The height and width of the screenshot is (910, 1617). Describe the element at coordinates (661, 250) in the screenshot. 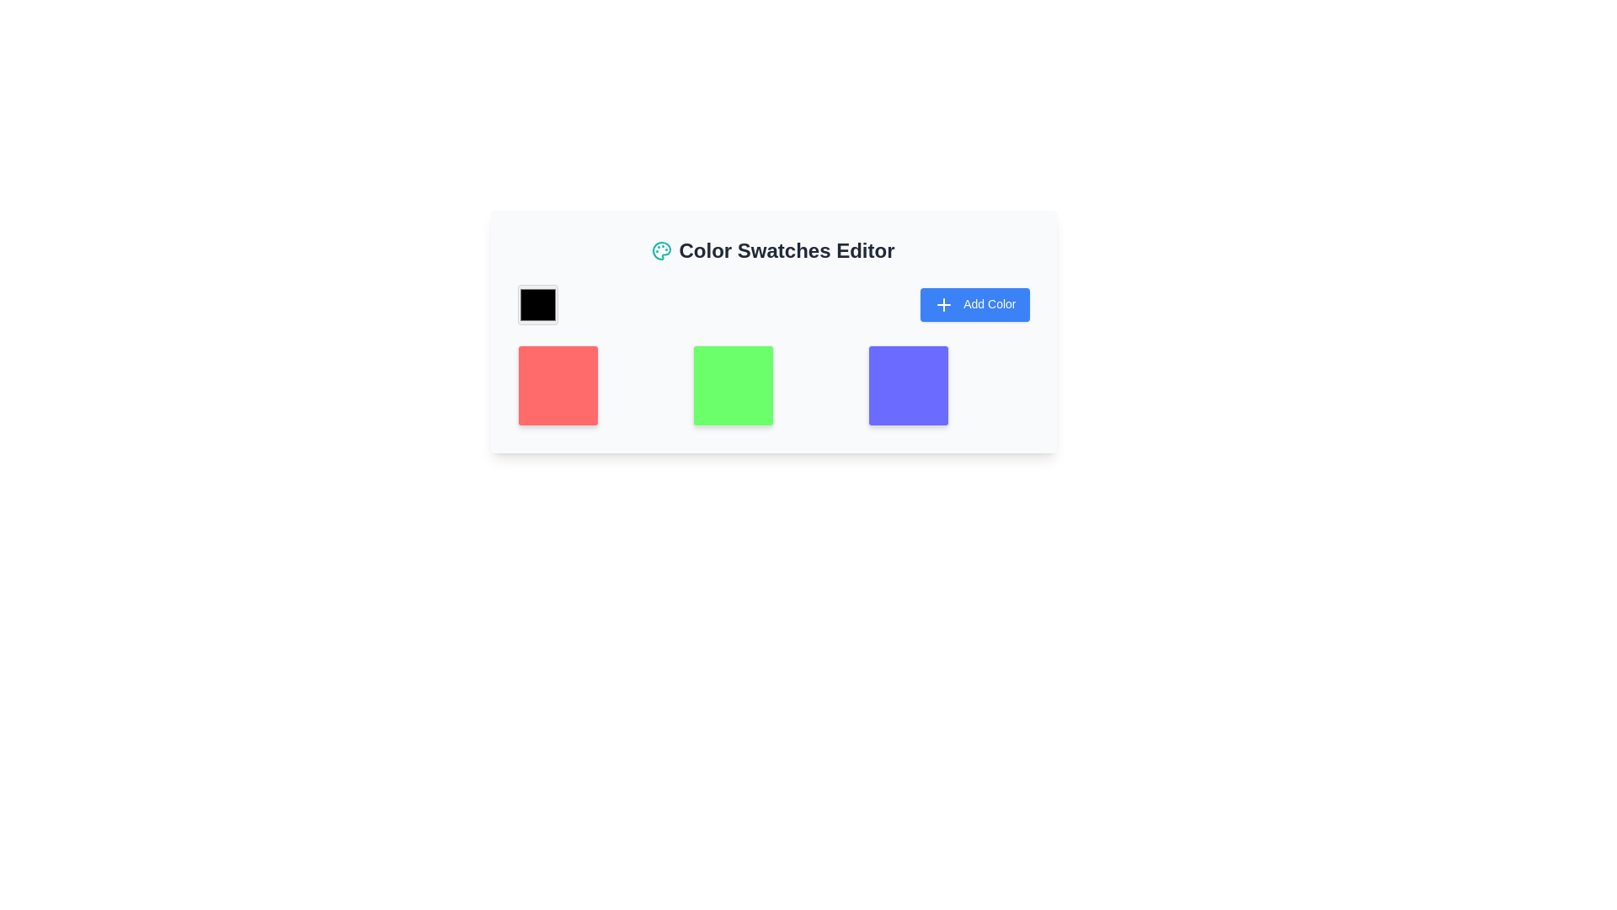

I see `the circular teal icon resembling a painter's palette located at the top-center of the interface, next to the 'Color Swatches Editor' label` at that location.